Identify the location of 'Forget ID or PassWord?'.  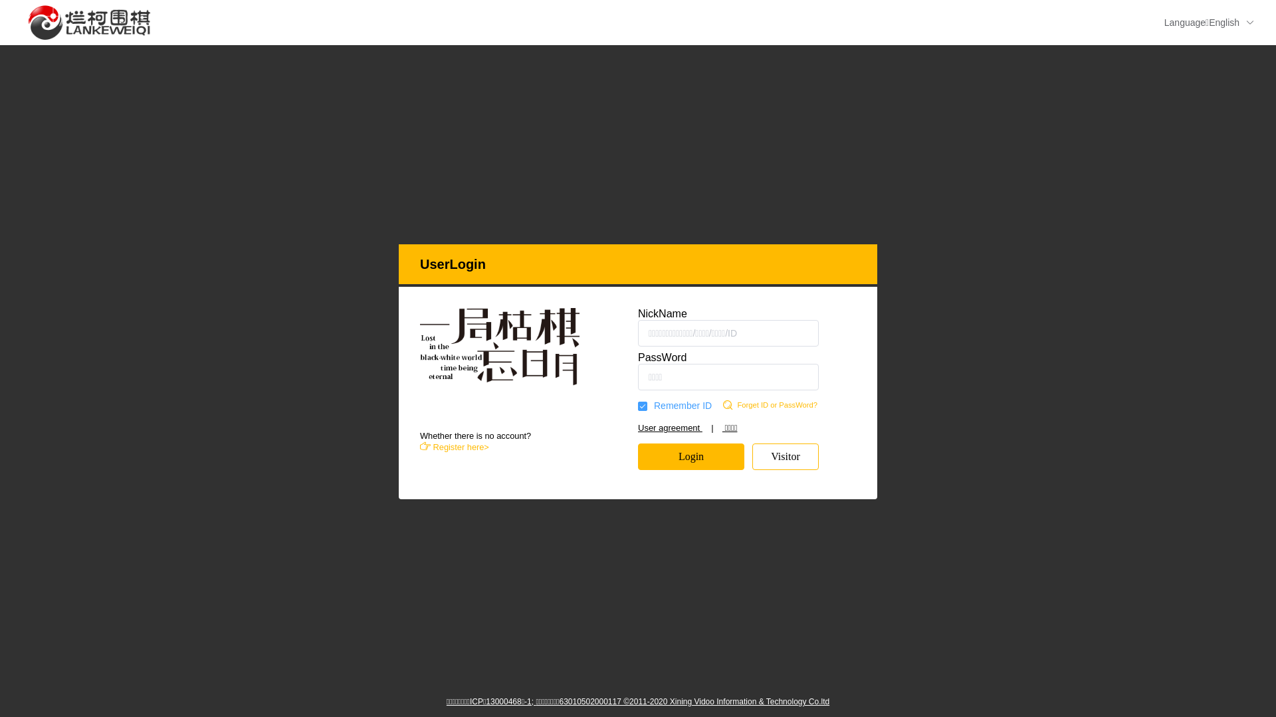
(786, 404).